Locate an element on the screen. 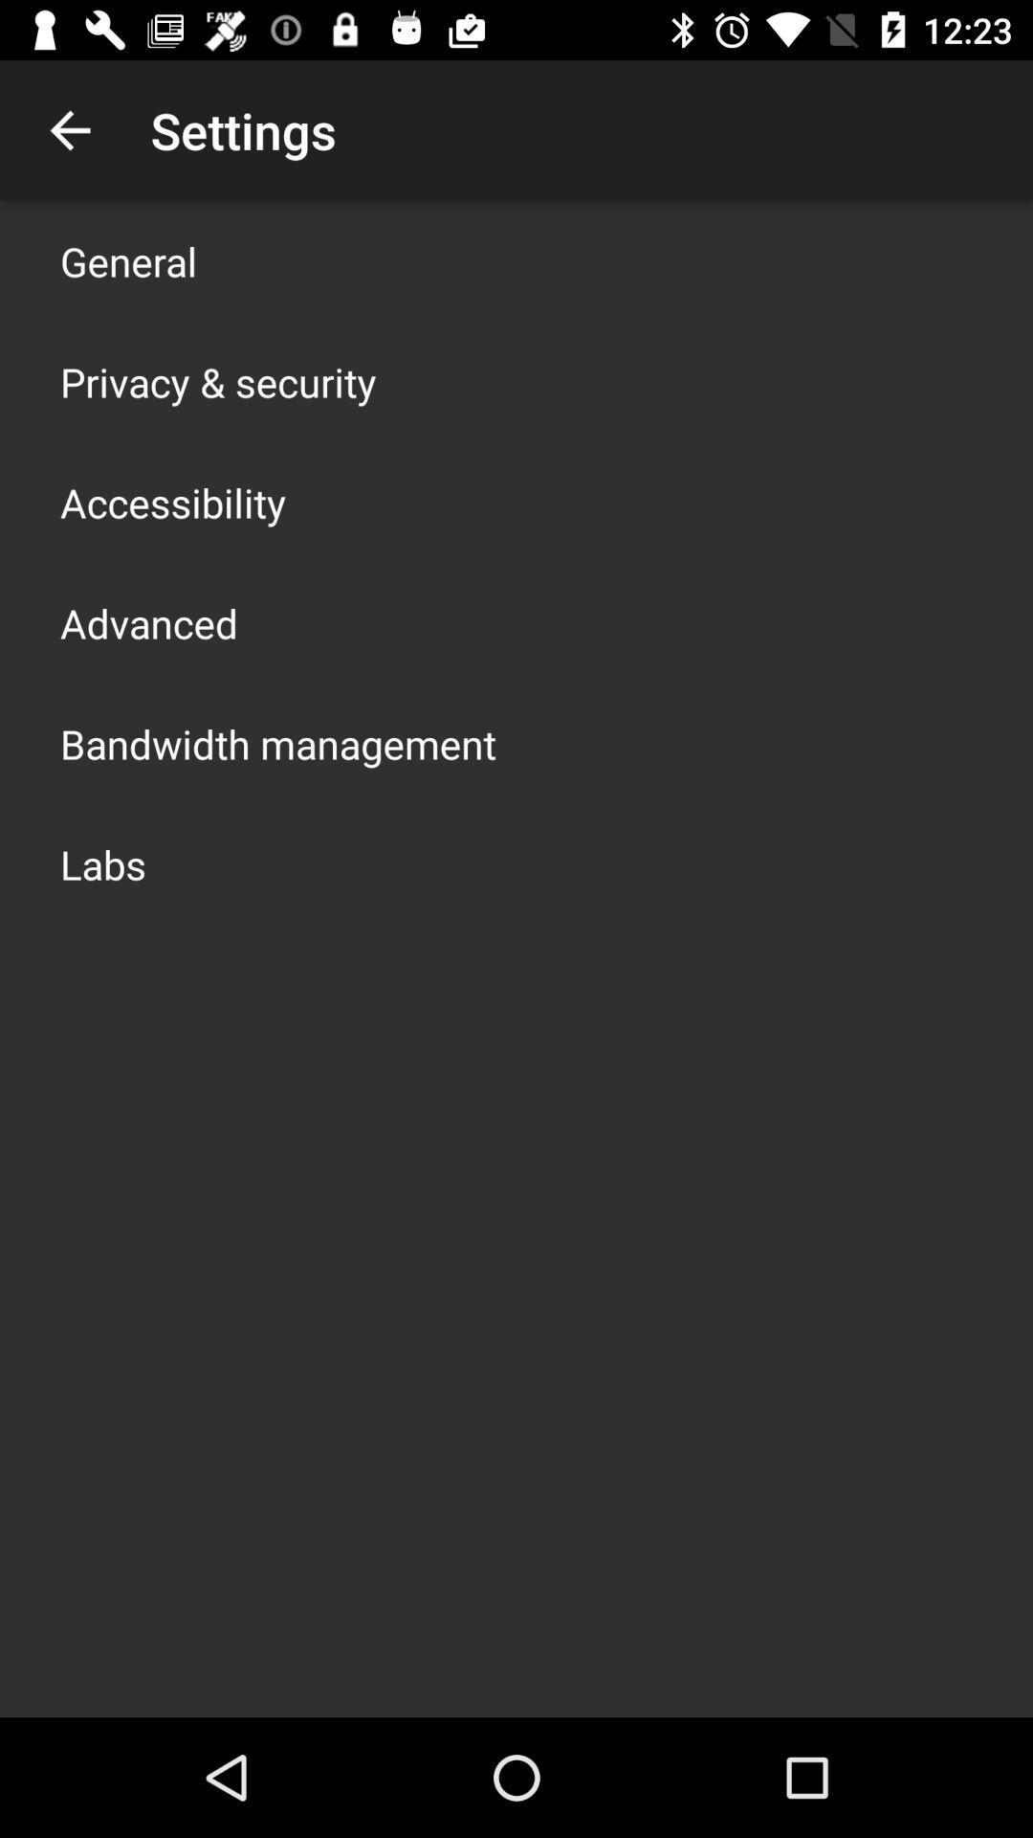 The image size is (1033, 1838). the accessibility item is located at coordinates (173, 502).